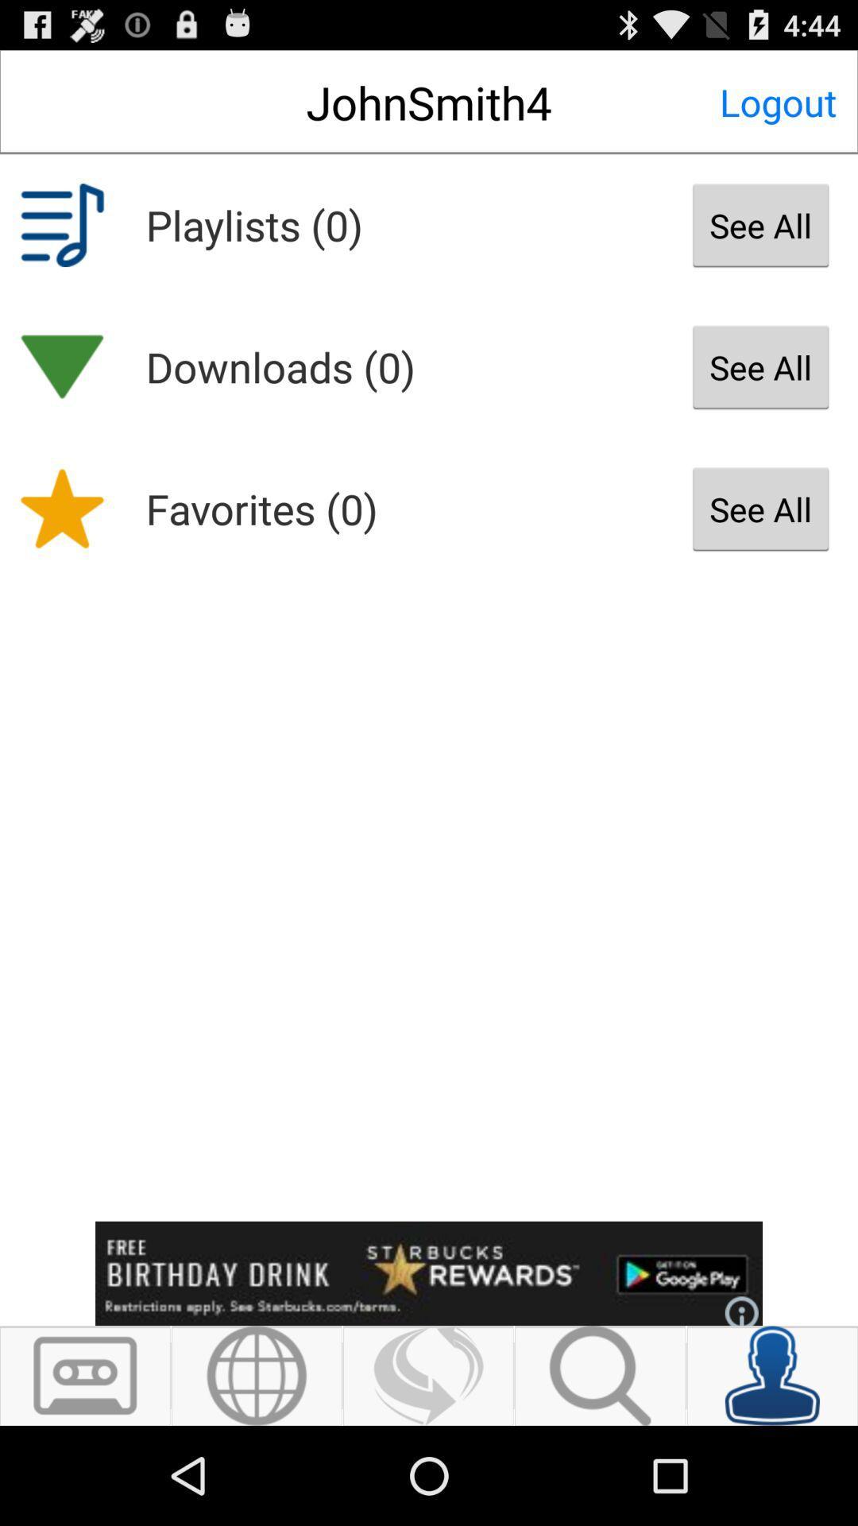 This screenshot has width=858, height=1526. What do you see at coordinates (427, 1375) in the screenshot?
I see `loop option` at bounding box center [427, 1375].